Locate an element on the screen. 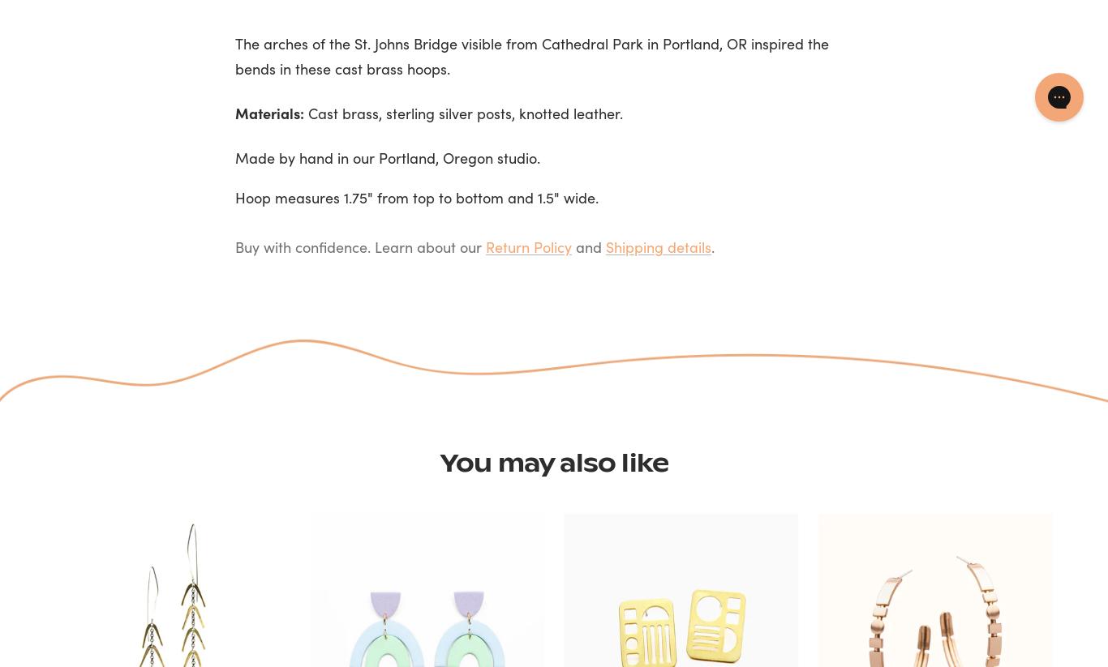 The image size is (1108, 667). 'Decline' is located at coordinates (893, 67).